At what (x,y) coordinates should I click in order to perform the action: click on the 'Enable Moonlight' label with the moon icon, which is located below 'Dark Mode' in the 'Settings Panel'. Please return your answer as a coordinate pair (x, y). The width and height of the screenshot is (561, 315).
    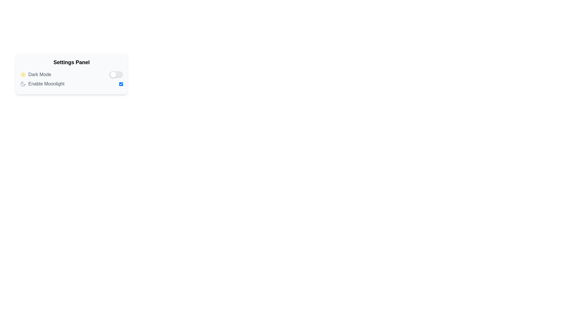
    Looking at the image, I should click on (42, 84).